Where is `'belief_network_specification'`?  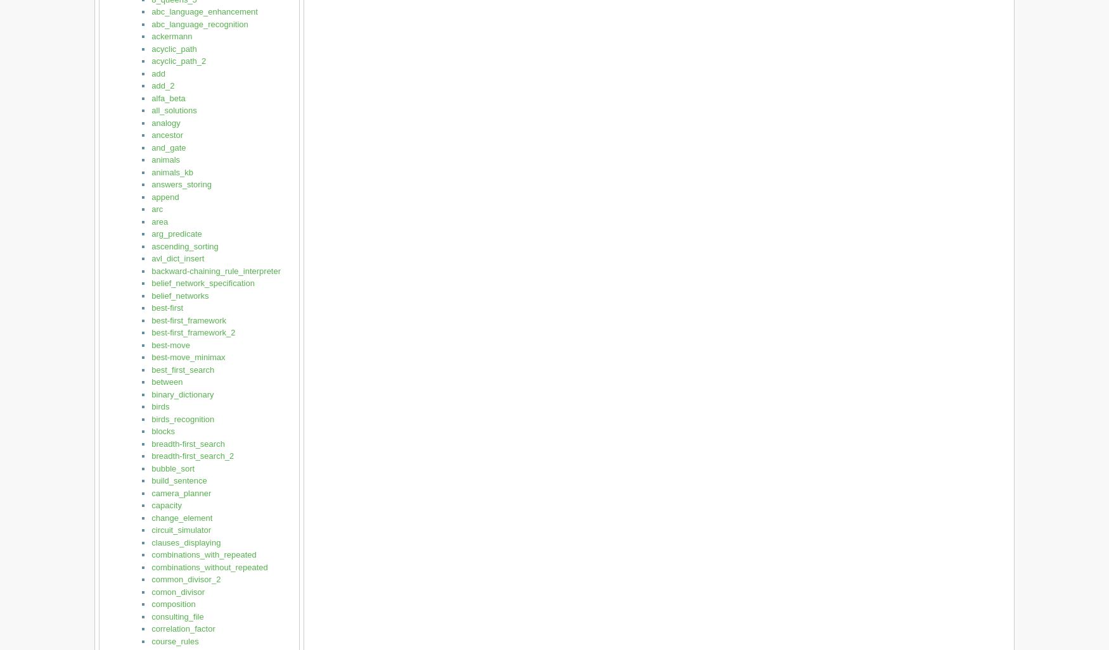
'belief_network_specification' is located at coordinates (203, 282).